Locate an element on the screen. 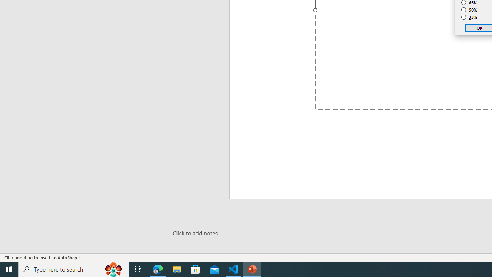  'Microsoft Edge - 1 running window' is located at coordinates (158, 269).